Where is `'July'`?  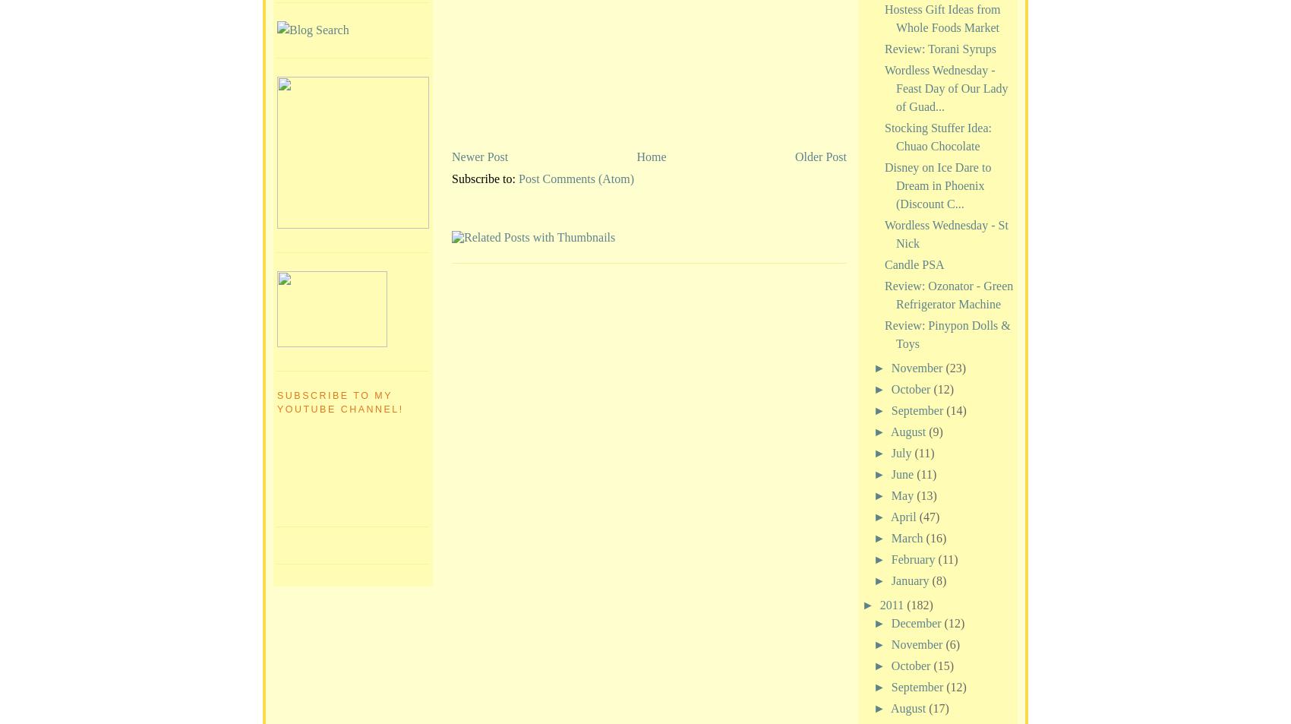
'July' is located at coordinates (901, 452).